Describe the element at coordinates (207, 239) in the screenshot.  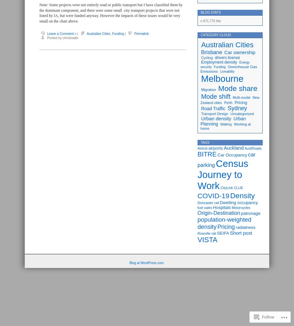
I see `'VISTA'` at that location.